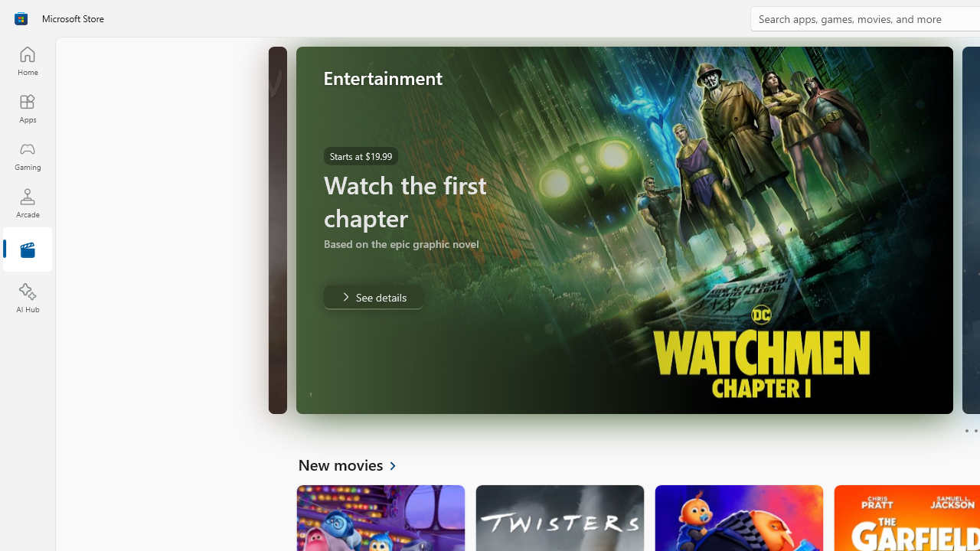  I want to click on 'AI Hub', so click(27, 298).